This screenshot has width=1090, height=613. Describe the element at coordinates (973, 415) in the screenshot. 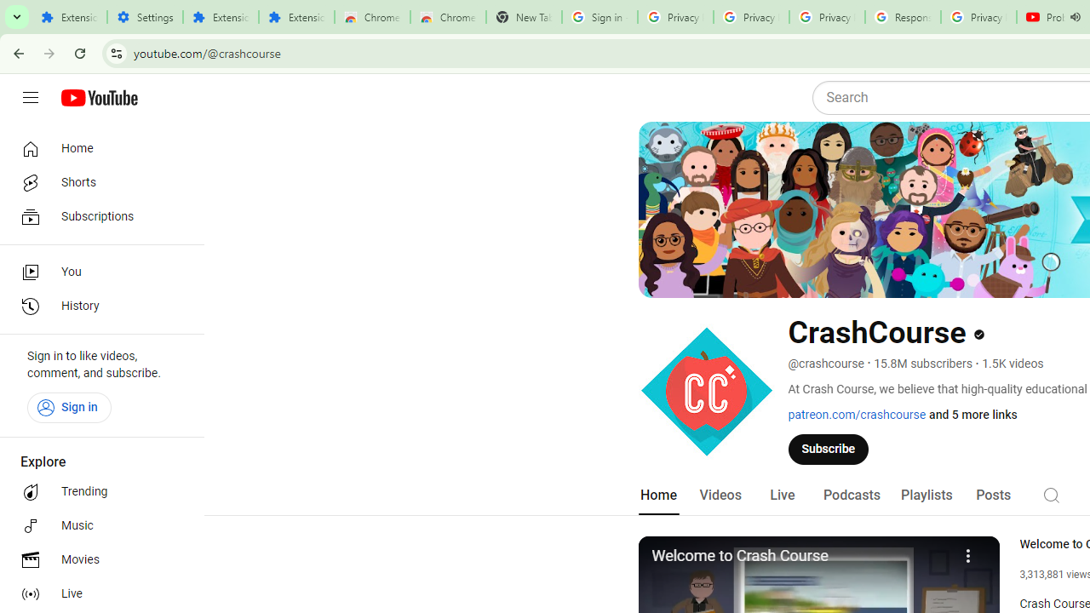

I see `'and 5 more links'` at that location.